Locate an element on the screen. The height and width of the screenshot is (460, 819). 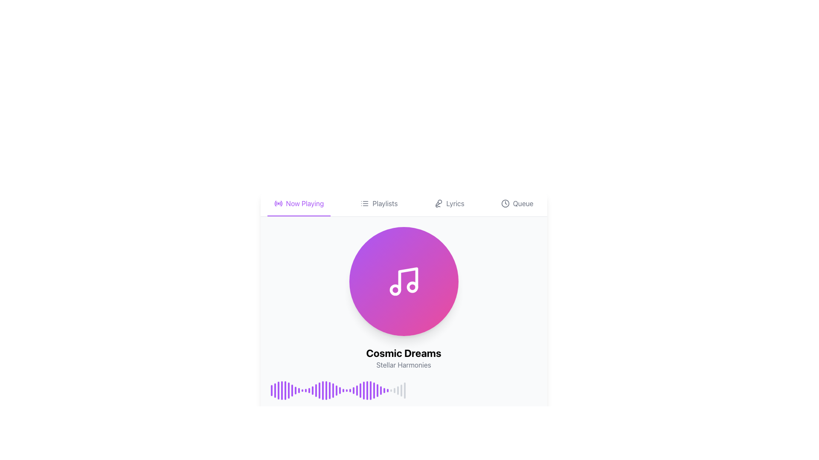
the 13th vertical waveform bar, which is a vibrant purple decorative component in a sequence of 35 bars, positioned beneath the text description of the current song is located at coordinates (312, 391).